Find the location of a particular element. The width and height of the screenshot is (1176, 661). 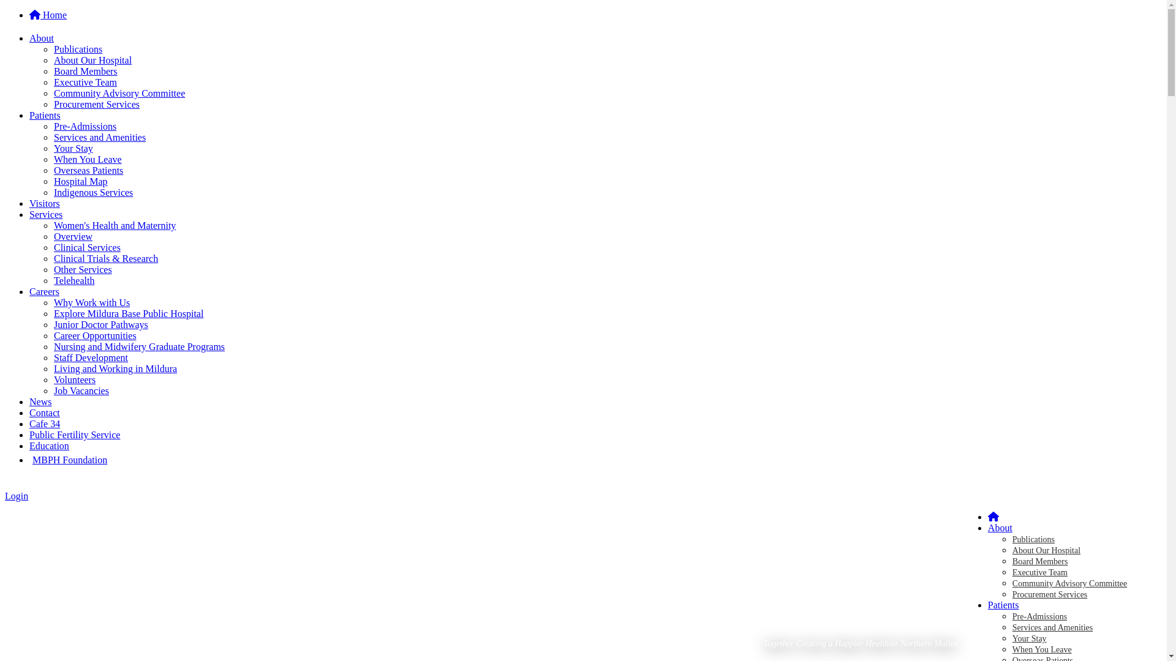

'Login' is located at coordinates (17, 496).